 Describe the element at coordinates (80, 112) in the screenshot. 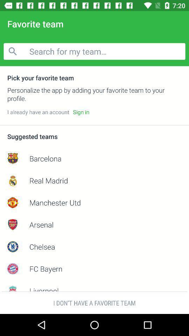

I see `the item to the right of i already have` at that location.